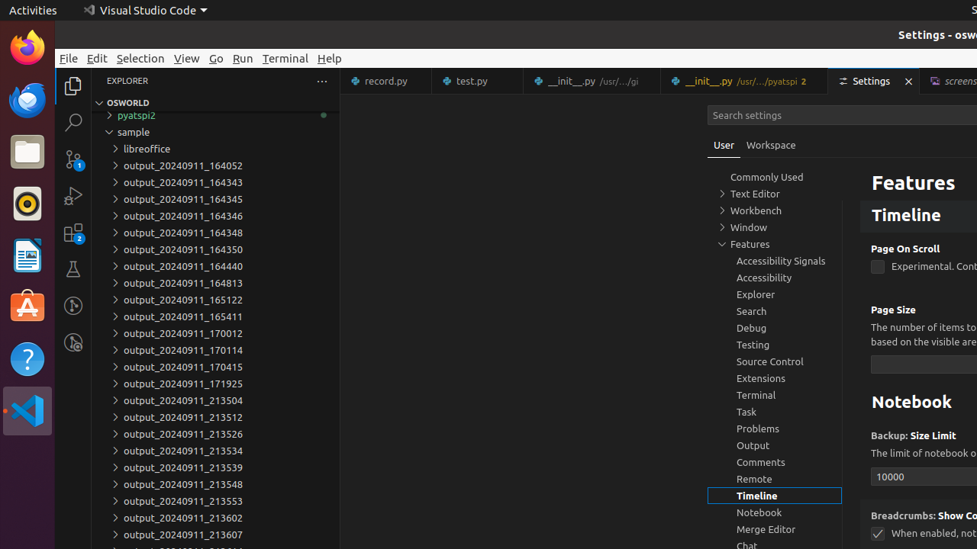 The width and height of the screenshot is (977, 549). What do you see at coordinates (214, 501) in the screenshot?
I see `'output_20240911_213553'` at bounding box center [214, 501].